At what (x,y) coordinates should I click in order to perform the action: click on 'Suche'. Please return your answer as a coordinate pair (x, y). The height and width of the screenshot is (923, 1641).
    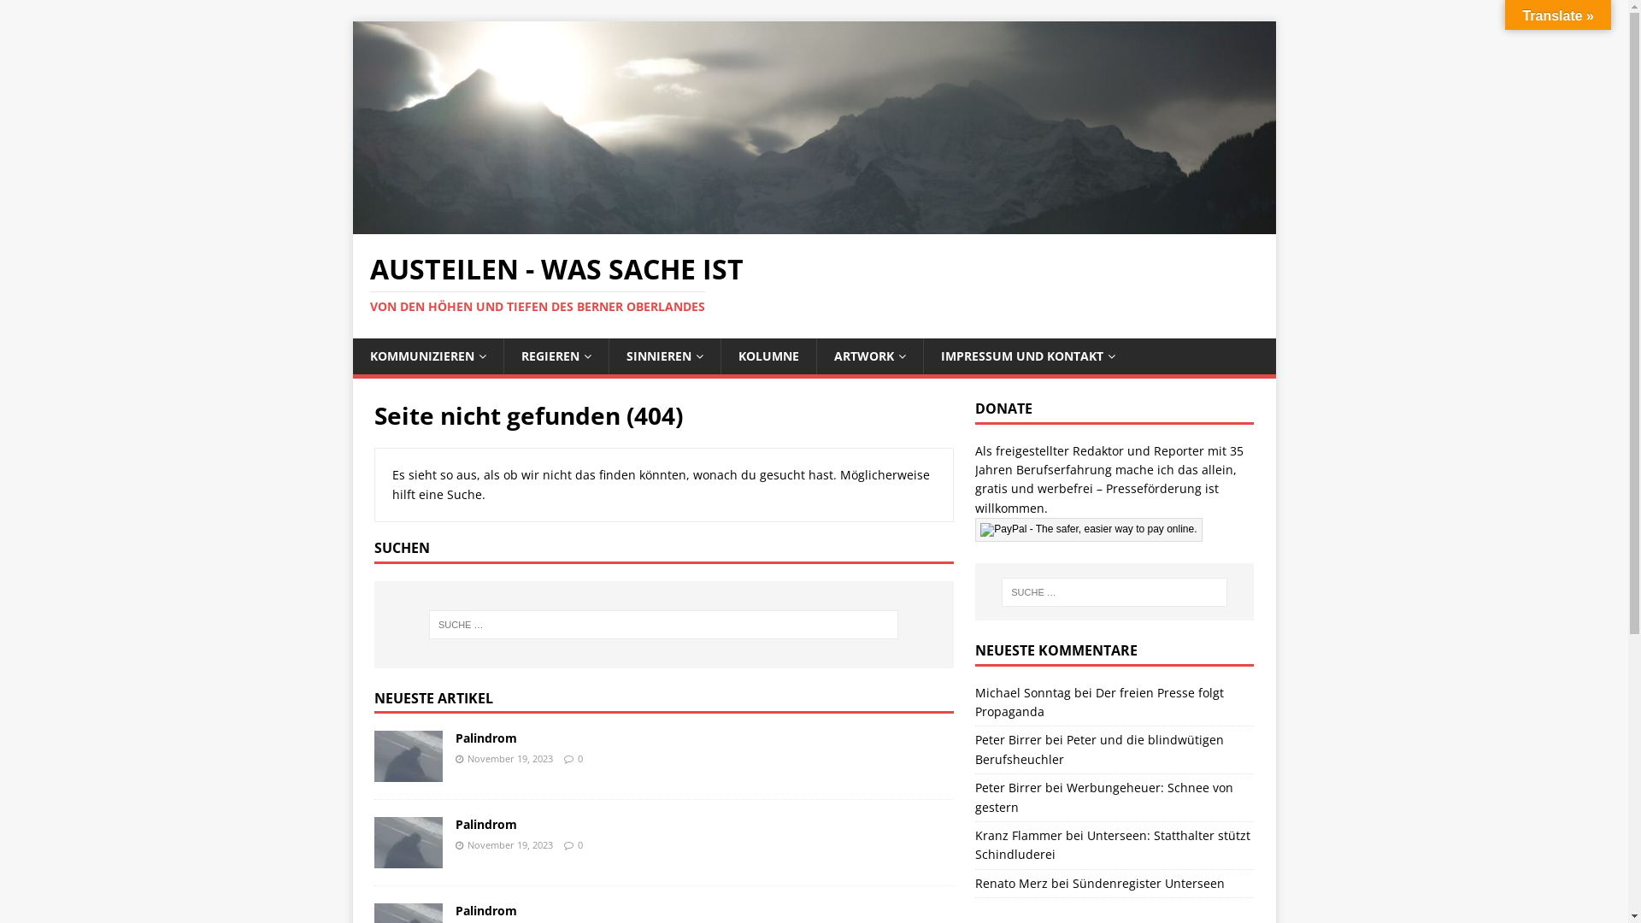
    Looking at the image, I should click on (0, 13).